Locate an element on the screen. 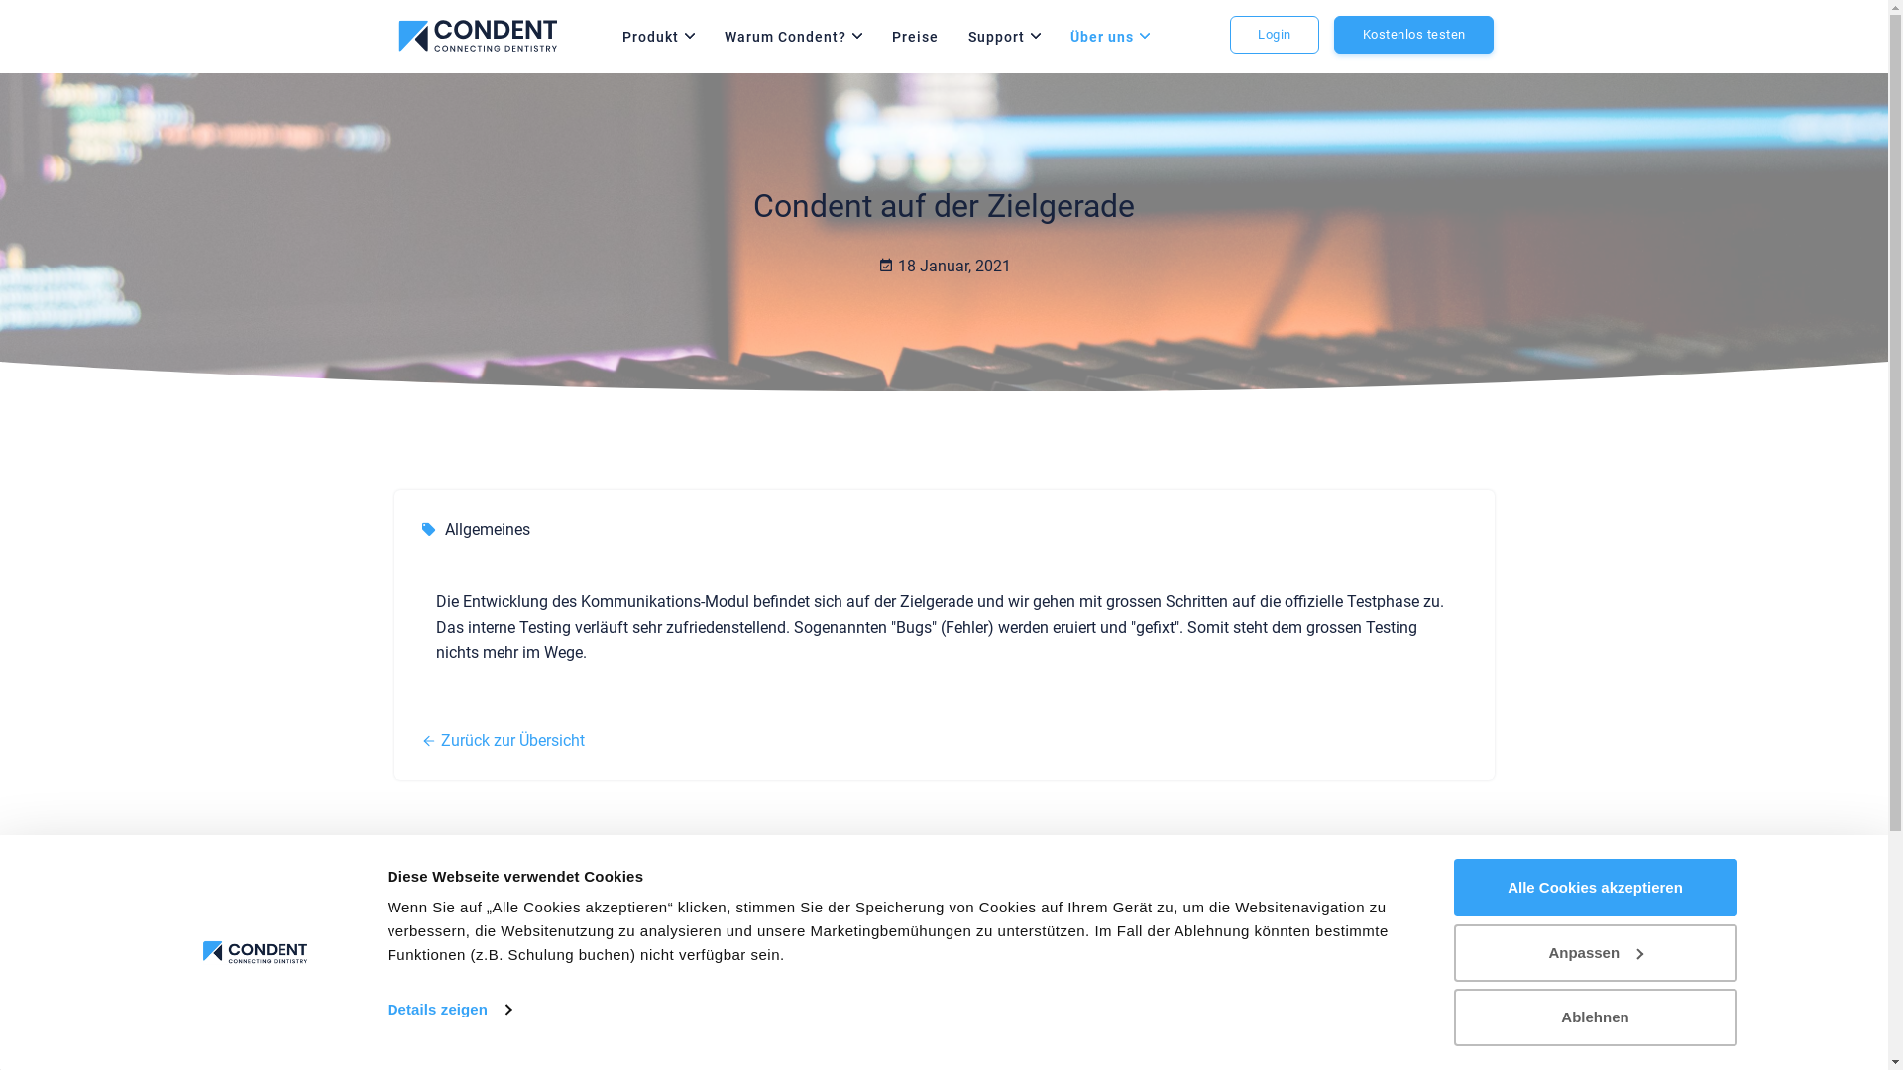 This screenshot has width=1903, height=1070. 'Login' is located at coordinates (1229, 34).